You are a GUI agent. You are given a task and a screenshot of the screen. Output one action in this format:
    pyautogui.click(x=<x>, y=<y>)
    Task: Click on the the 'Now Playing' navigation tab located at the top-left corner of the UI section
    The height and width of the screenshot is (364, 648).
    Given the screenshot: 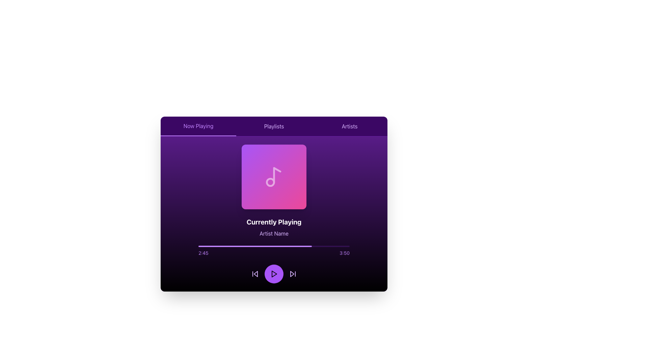 What is the action you would take?
    pyautogui.click(x=198, y=126)
    